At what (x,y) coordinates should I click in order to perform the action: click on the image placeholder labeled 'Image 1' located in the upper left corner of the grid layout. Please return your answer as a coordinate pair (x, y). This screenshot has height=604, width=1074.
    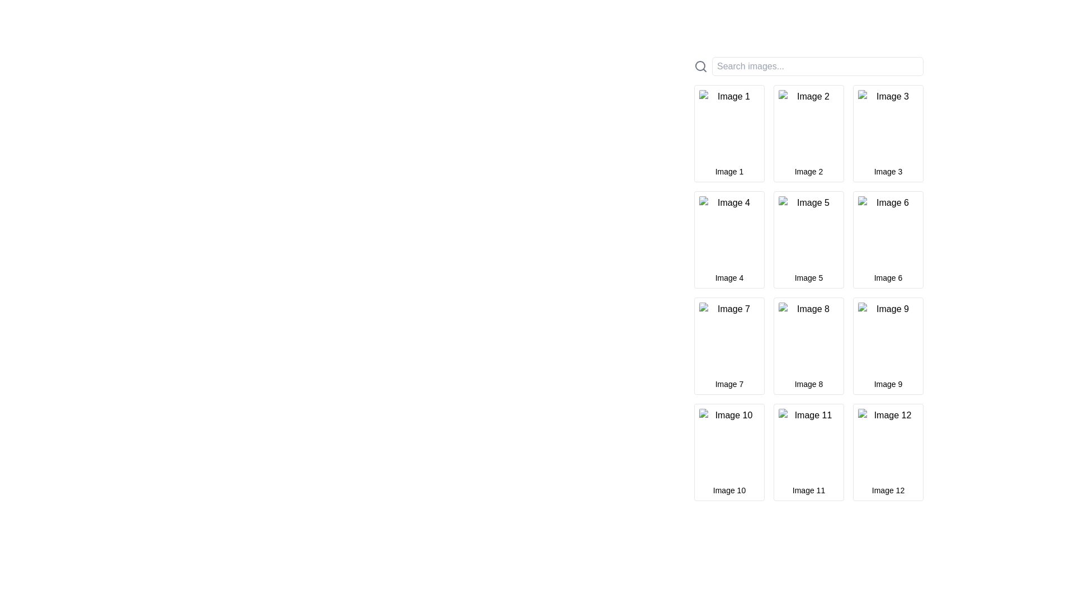
    Looking at the image, I should click on (729, 125).